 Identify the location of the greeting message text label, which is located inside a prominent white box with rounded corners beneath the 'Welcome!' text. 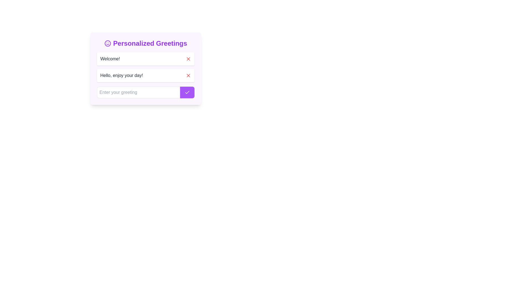
(121, 76).